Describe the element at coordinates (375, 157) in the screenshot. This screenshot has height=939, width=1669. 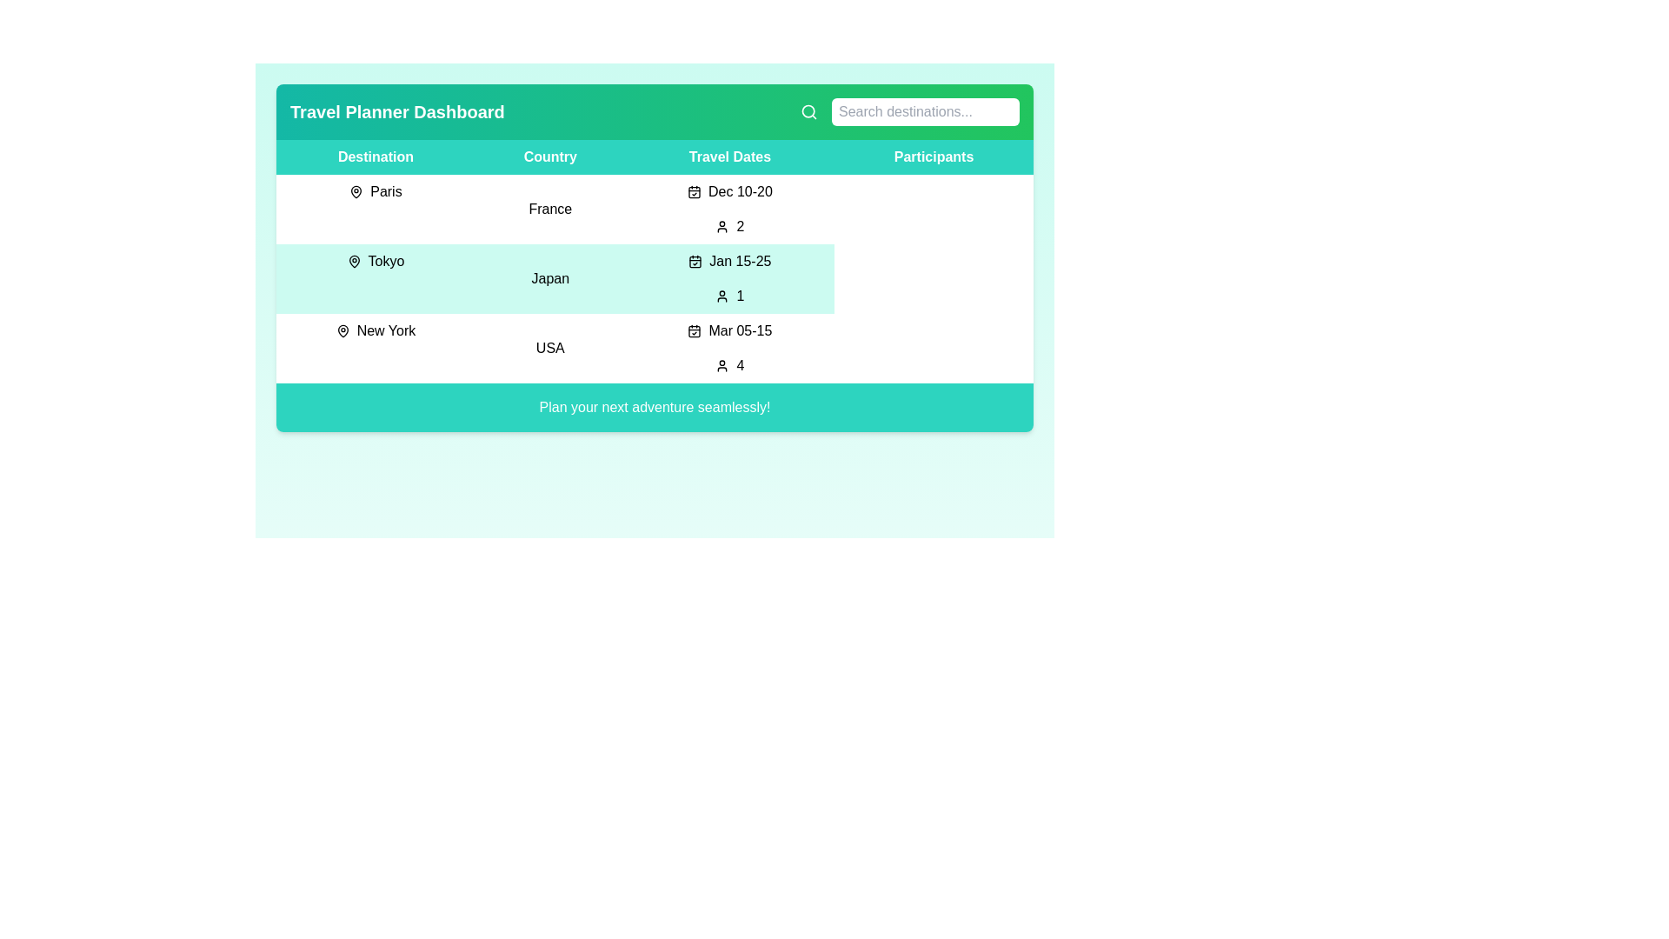
I see `the travel destinations column header text label located at the top left of the header row in the table-like structure` at that location.